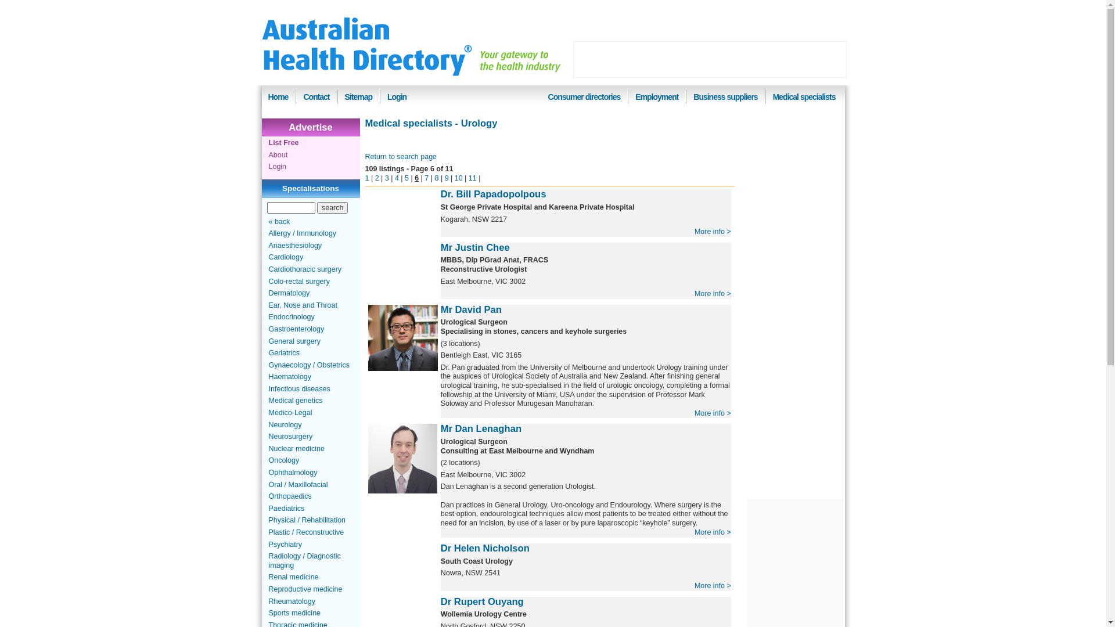  Describe the element at coordinates (304, 269) in the screenshot. I see `'Cardiothoracic surgery'` at that location.